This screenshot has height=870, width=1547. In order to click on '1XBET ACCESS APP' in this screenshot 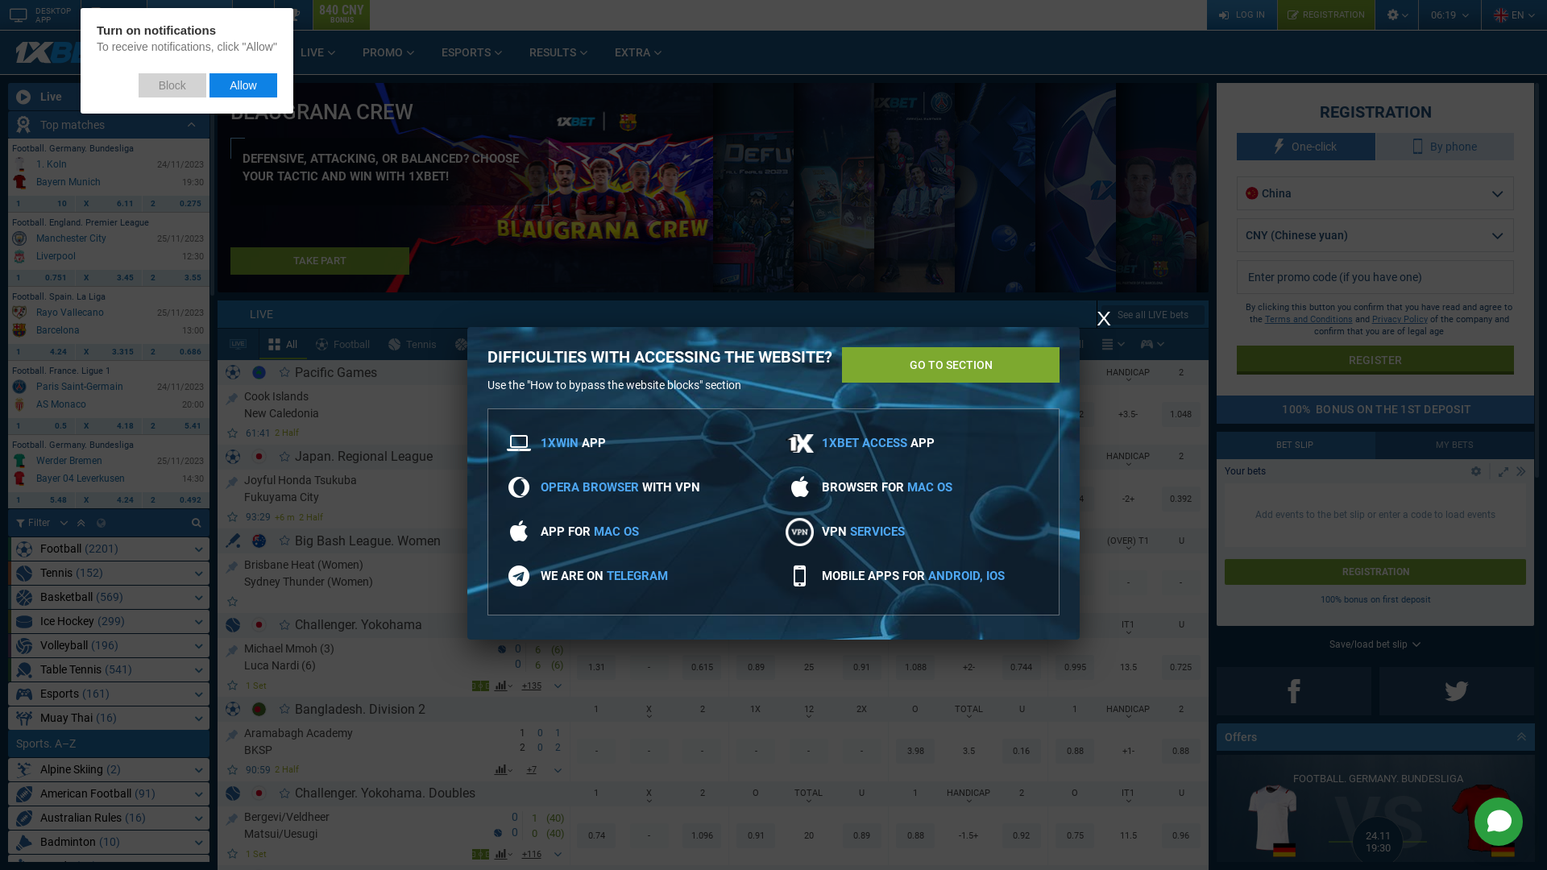, I will do `click(877, 443)`.